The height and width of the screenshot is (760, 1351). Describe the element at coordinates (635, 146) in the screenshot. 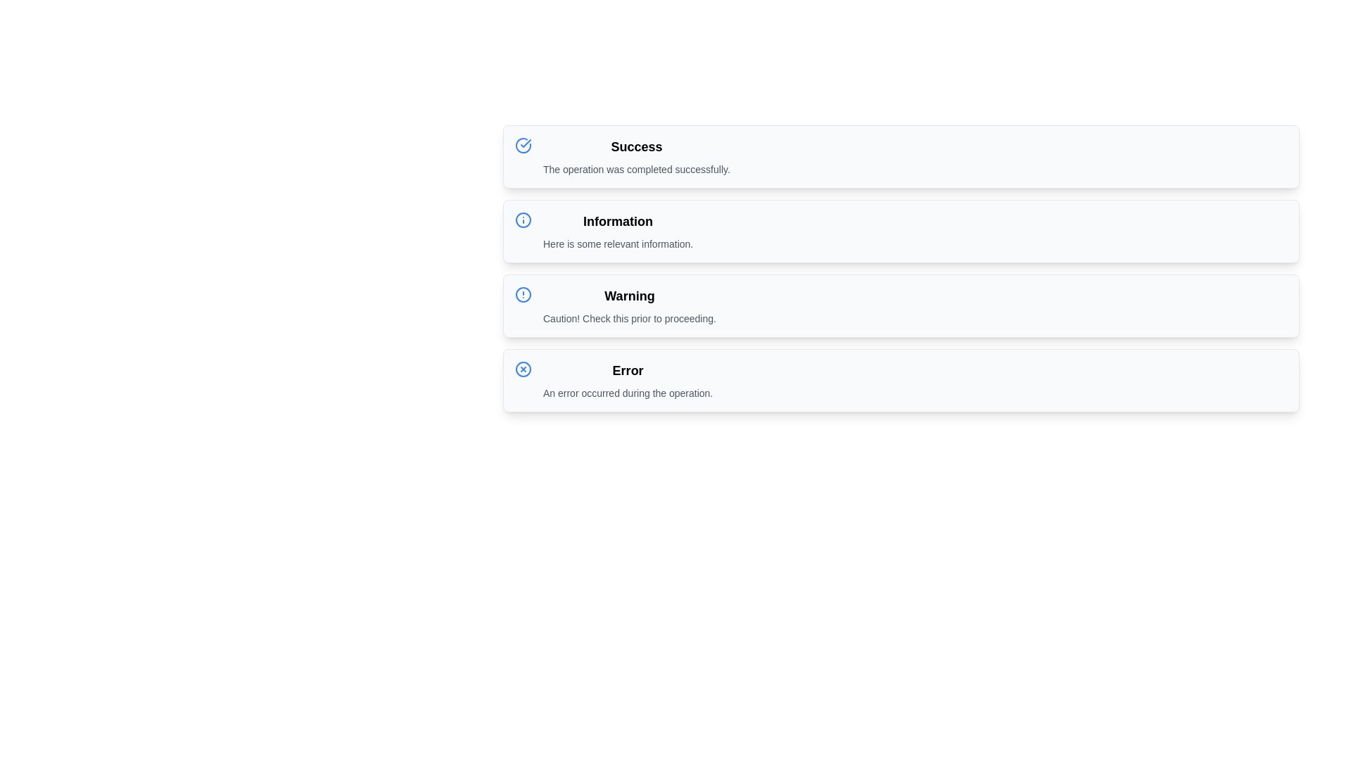

I see `the bold 'Success' label at the top of the notification card, which is the first card in a vertically stacked list layout of notifications` at that location.